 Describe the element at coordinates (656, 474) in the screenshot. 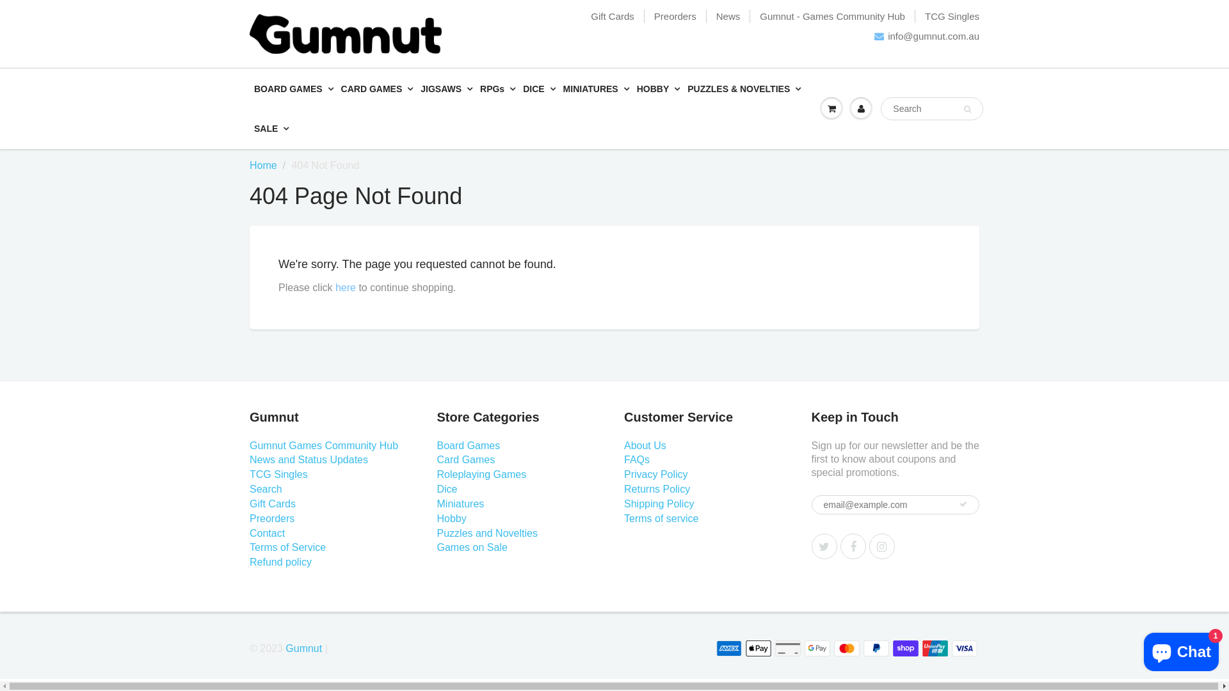

I see `'Privacy Policy'` at that location.